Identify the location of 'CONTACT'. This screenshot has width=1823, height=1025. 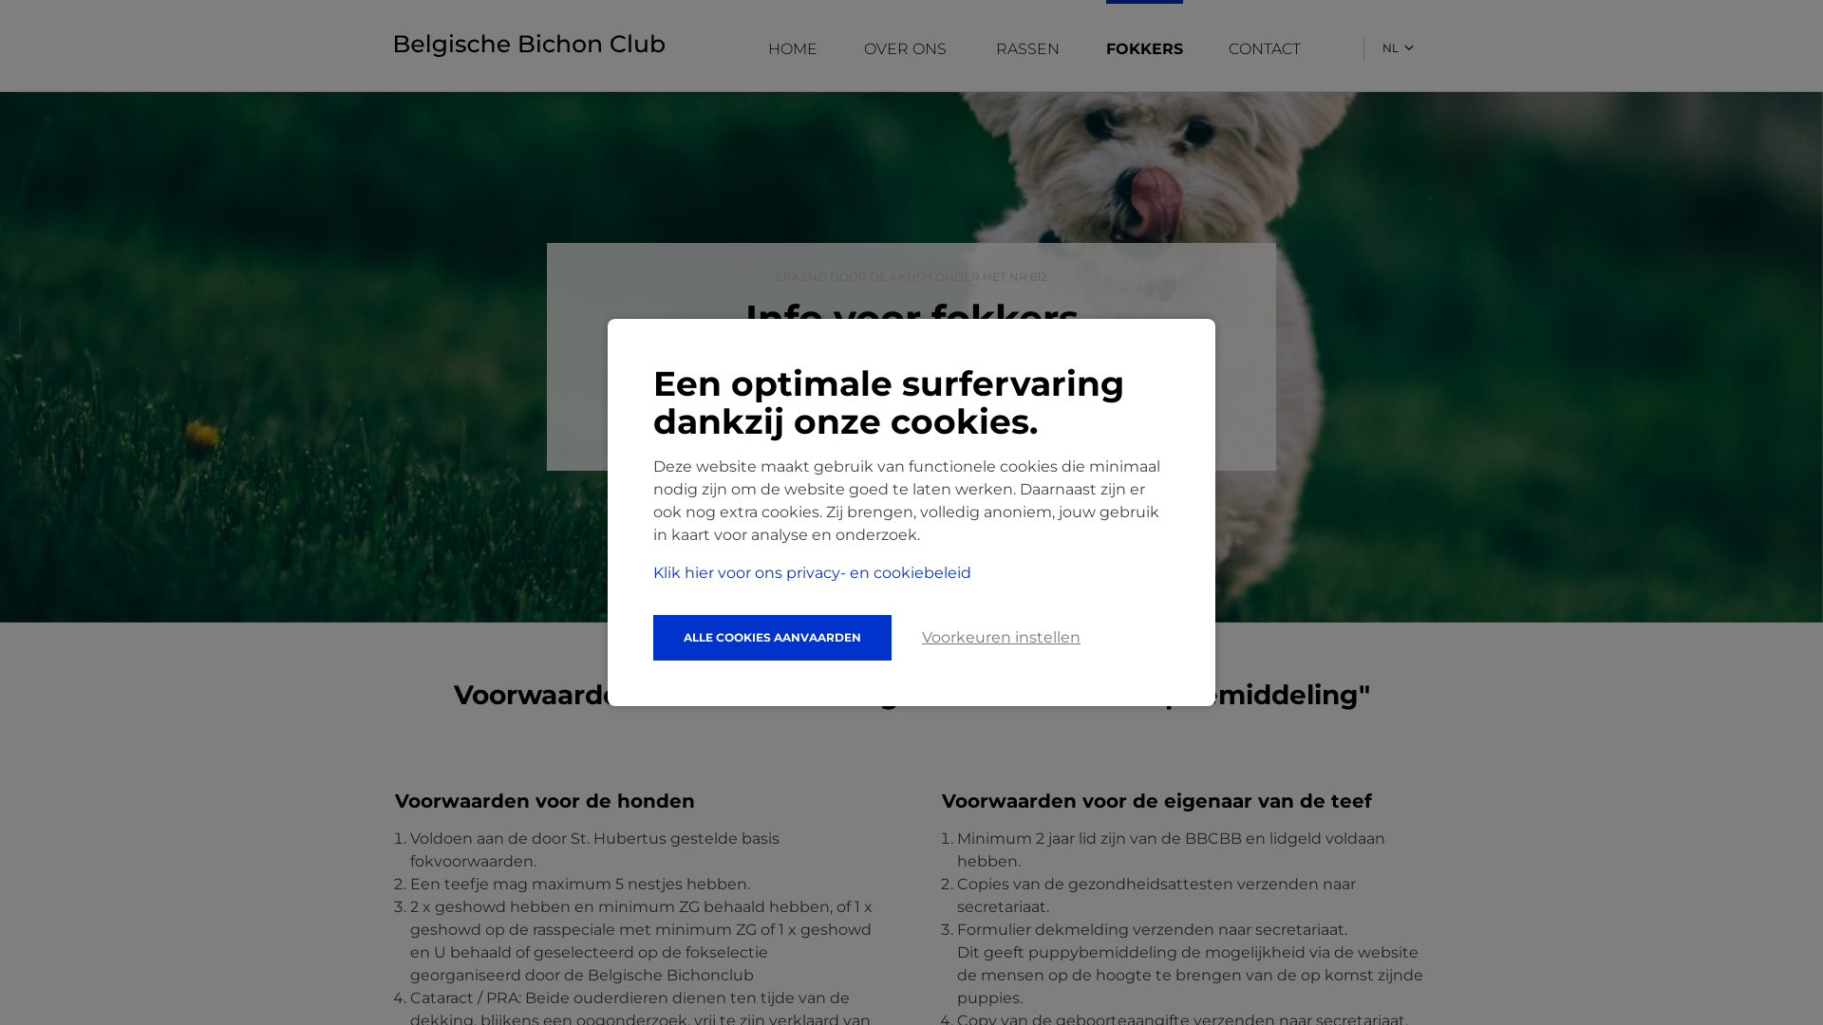
(1267, 47).